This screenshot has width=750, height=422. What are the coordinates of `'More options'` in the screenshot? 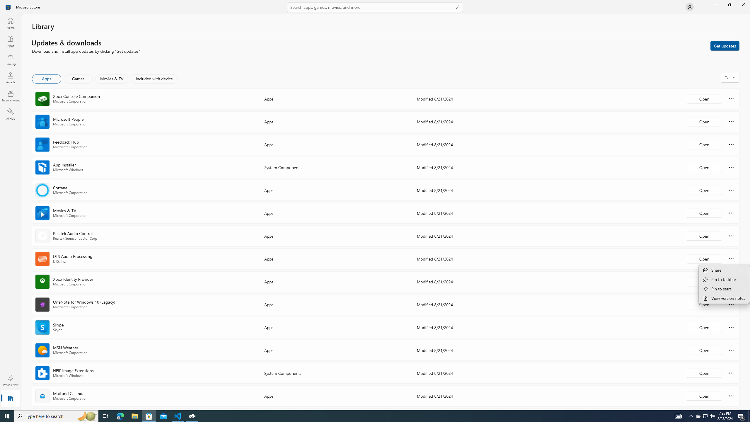 It's located at (731, 395).